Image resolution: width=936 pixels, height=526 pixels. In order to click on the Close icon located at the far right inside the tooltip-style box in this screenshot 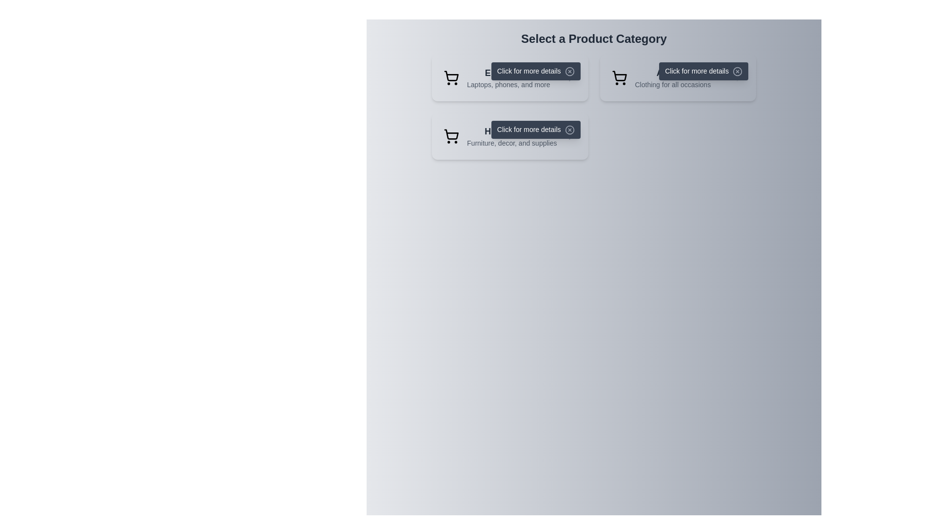, I will do `click(569, 71)`.